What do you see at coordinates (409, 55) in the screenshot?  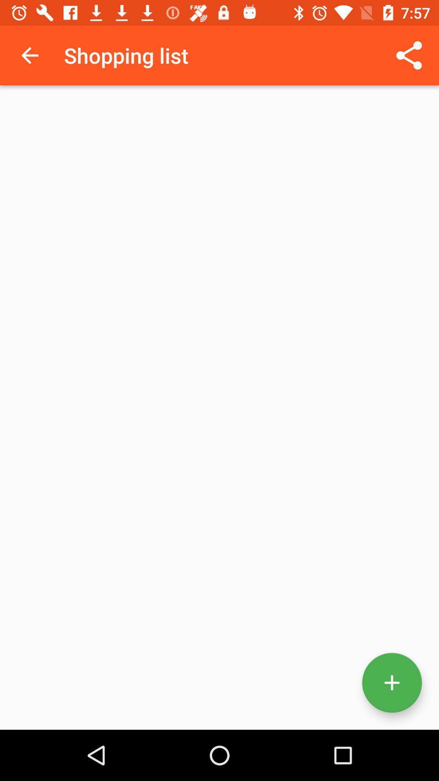 I see `the icon at the top right corner` at bounding box center [409, 55].